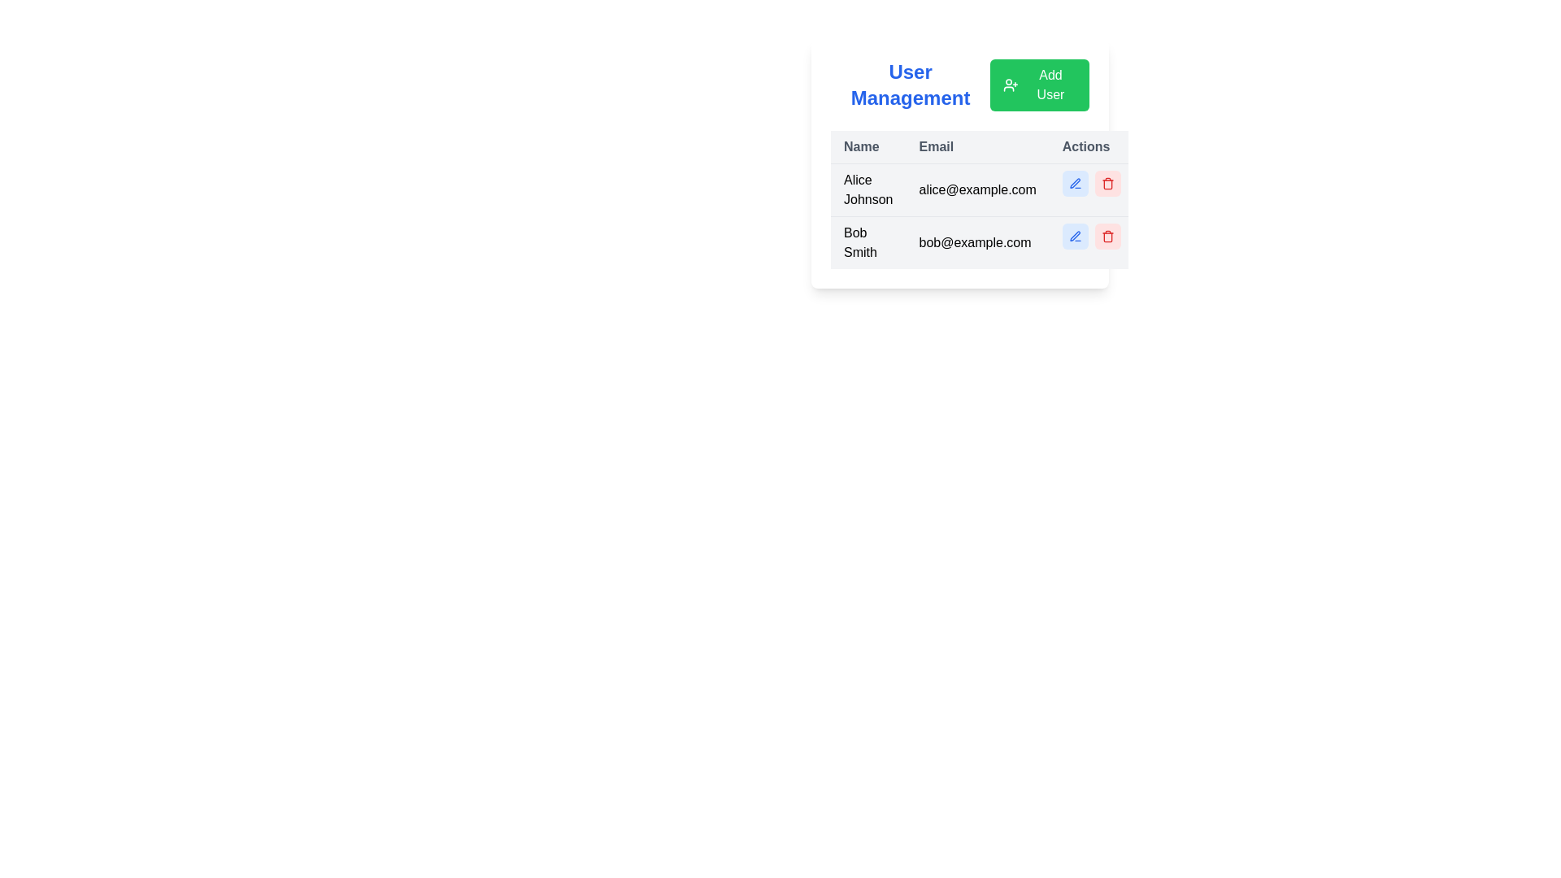 This screenshot has width=1561, height=878. Describe the element at coordinates (867, 147) in the screenshot. I see `the 'Name' header label in the table, which is the leftmost element among 'Name', 'Email', and 'Actions', located below the 'User Management' title` at that location.